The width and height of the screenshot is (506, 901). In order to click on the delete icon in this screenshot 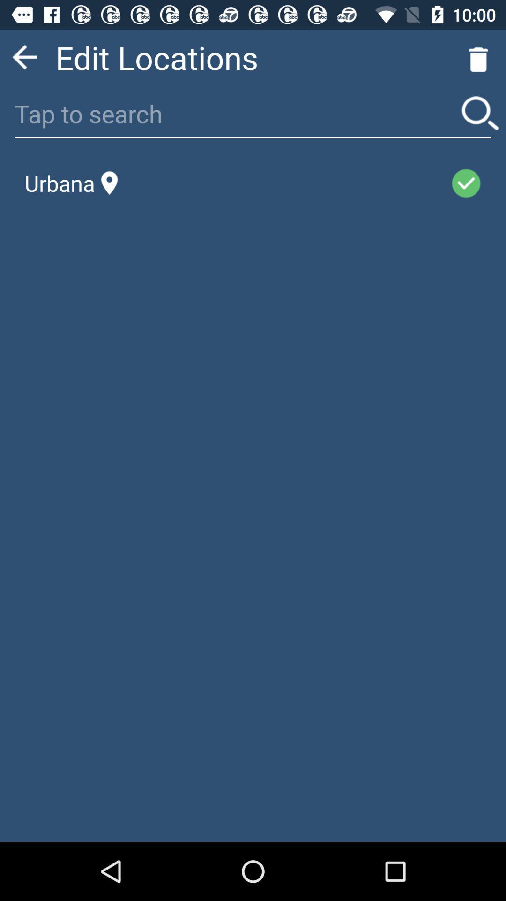, I will do `click(478, 57)`.